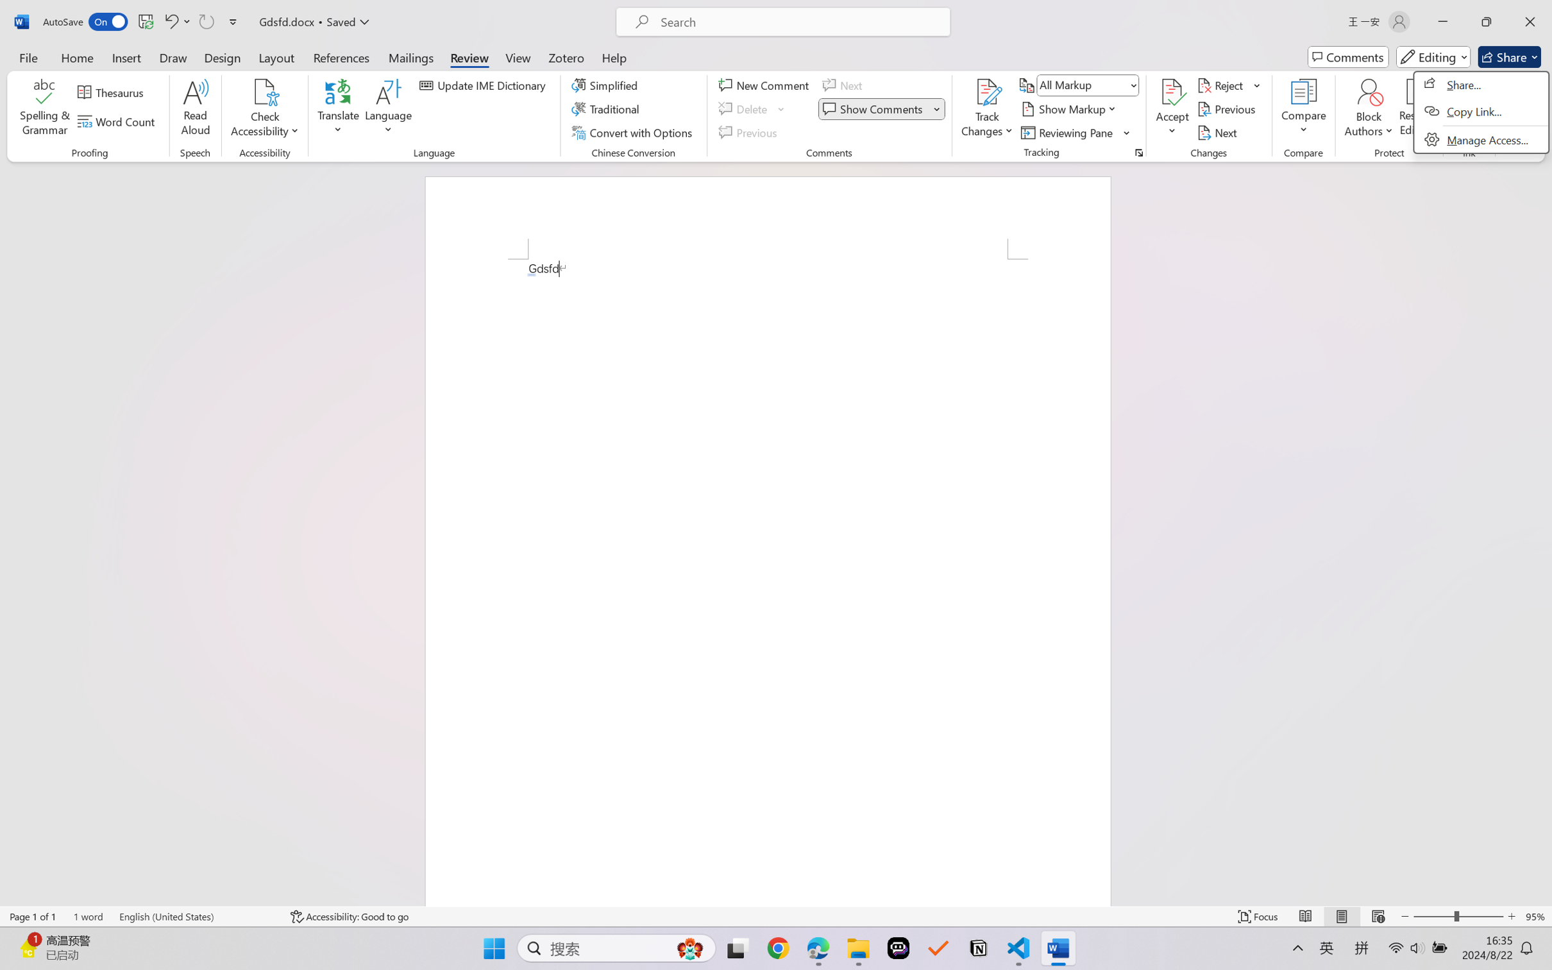  Describe the element at coordinates (799, 21) in the screenshot. I see `'Microsoft search'` at that location.